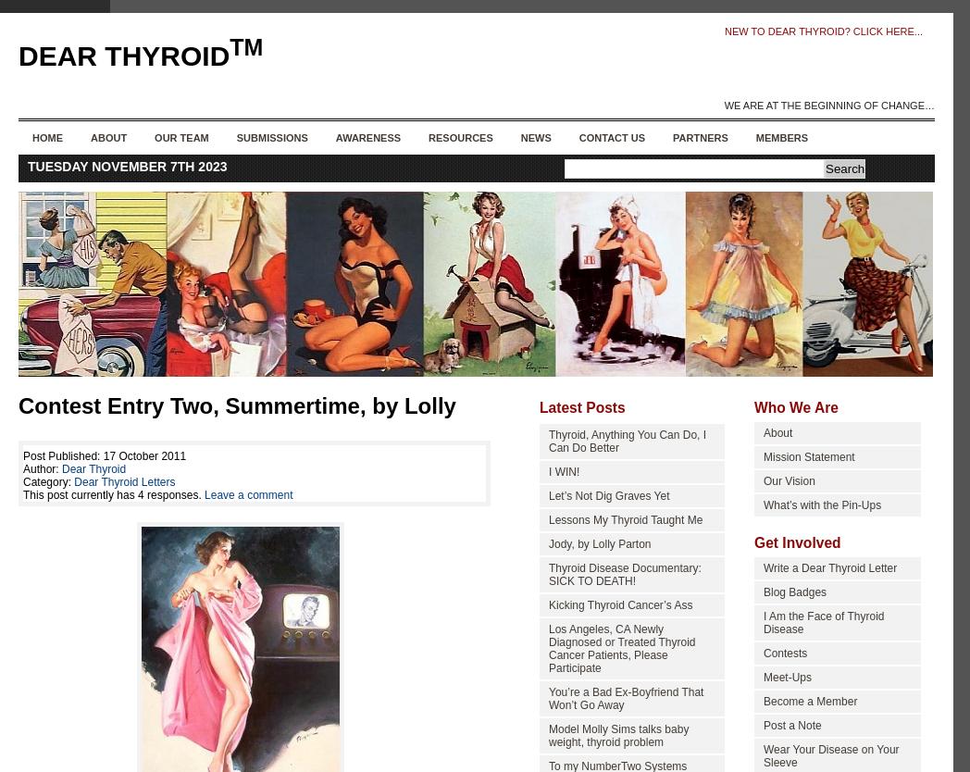  I want to click on 'TM', so click(229, 47).